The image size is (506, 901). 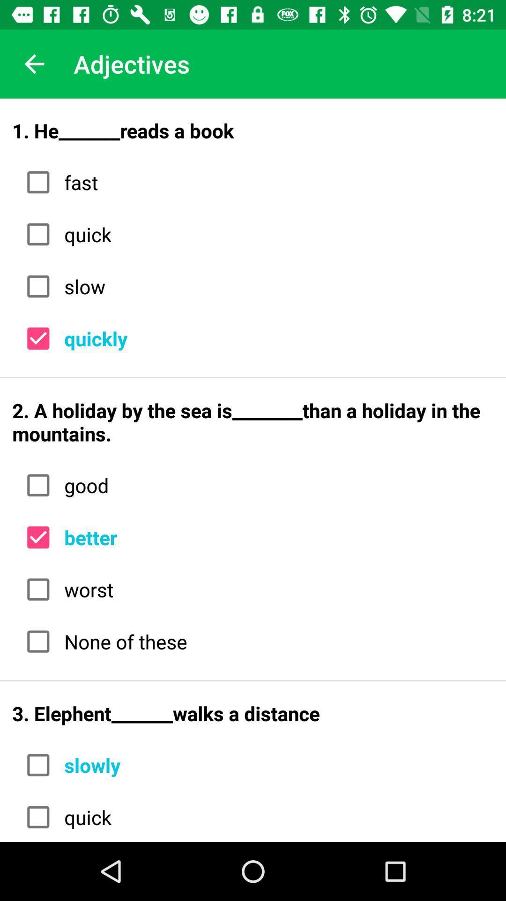 I want to click on the slow, so click(x=275, y=286).